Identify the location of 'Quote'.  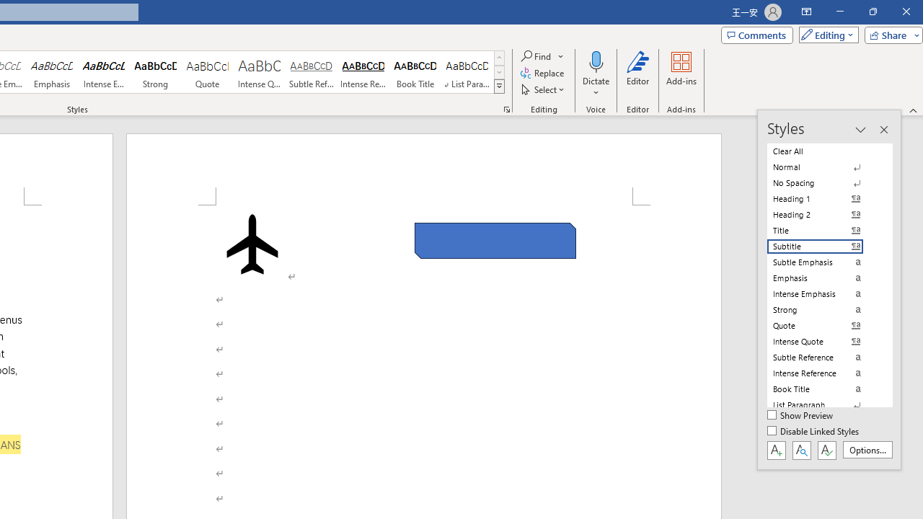
(207, 72).